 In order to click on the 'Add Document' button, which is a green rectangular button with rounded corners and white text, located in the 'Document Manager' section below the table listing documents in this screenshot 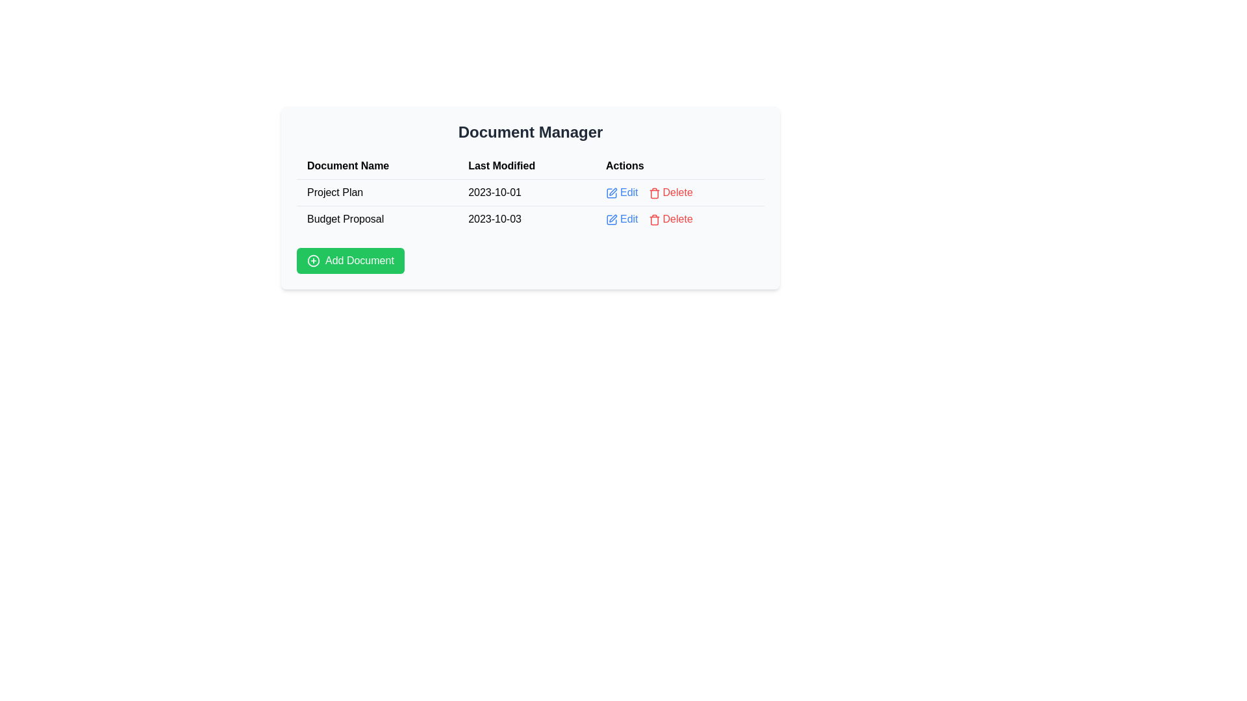, I will do `click(350, 260)`.